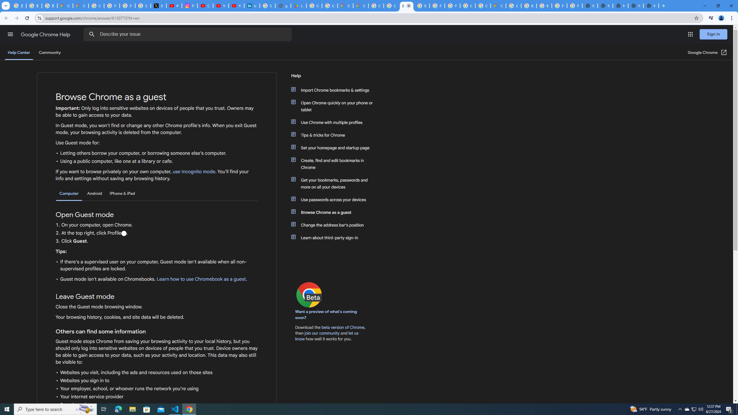 Image resolution: width=738 pixels, height=415 pixels. I want to click on 'beta version of Chrome', so click(343, 327).